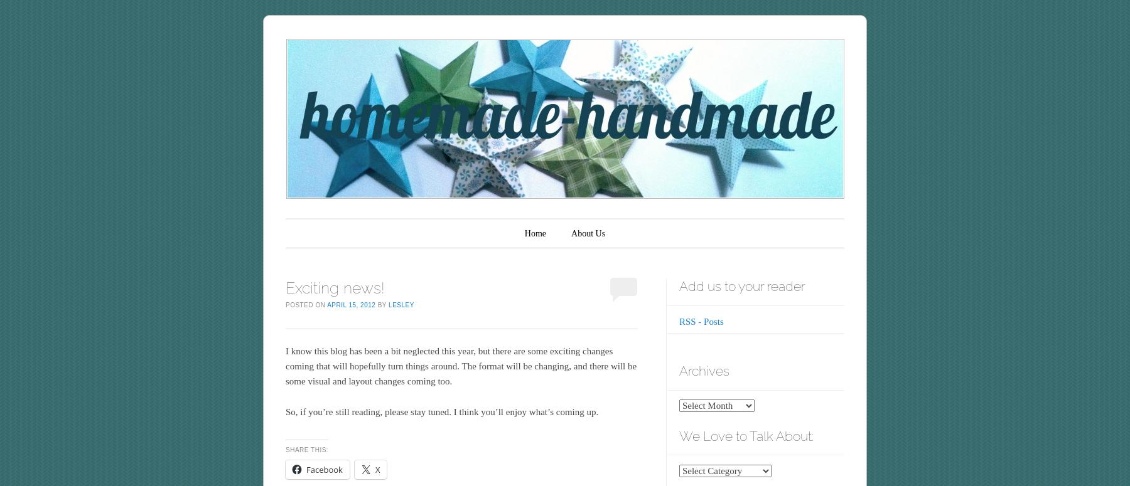 The image size is (1130, 486). I want to click on 'homemade•handmade', so click(481, 68).